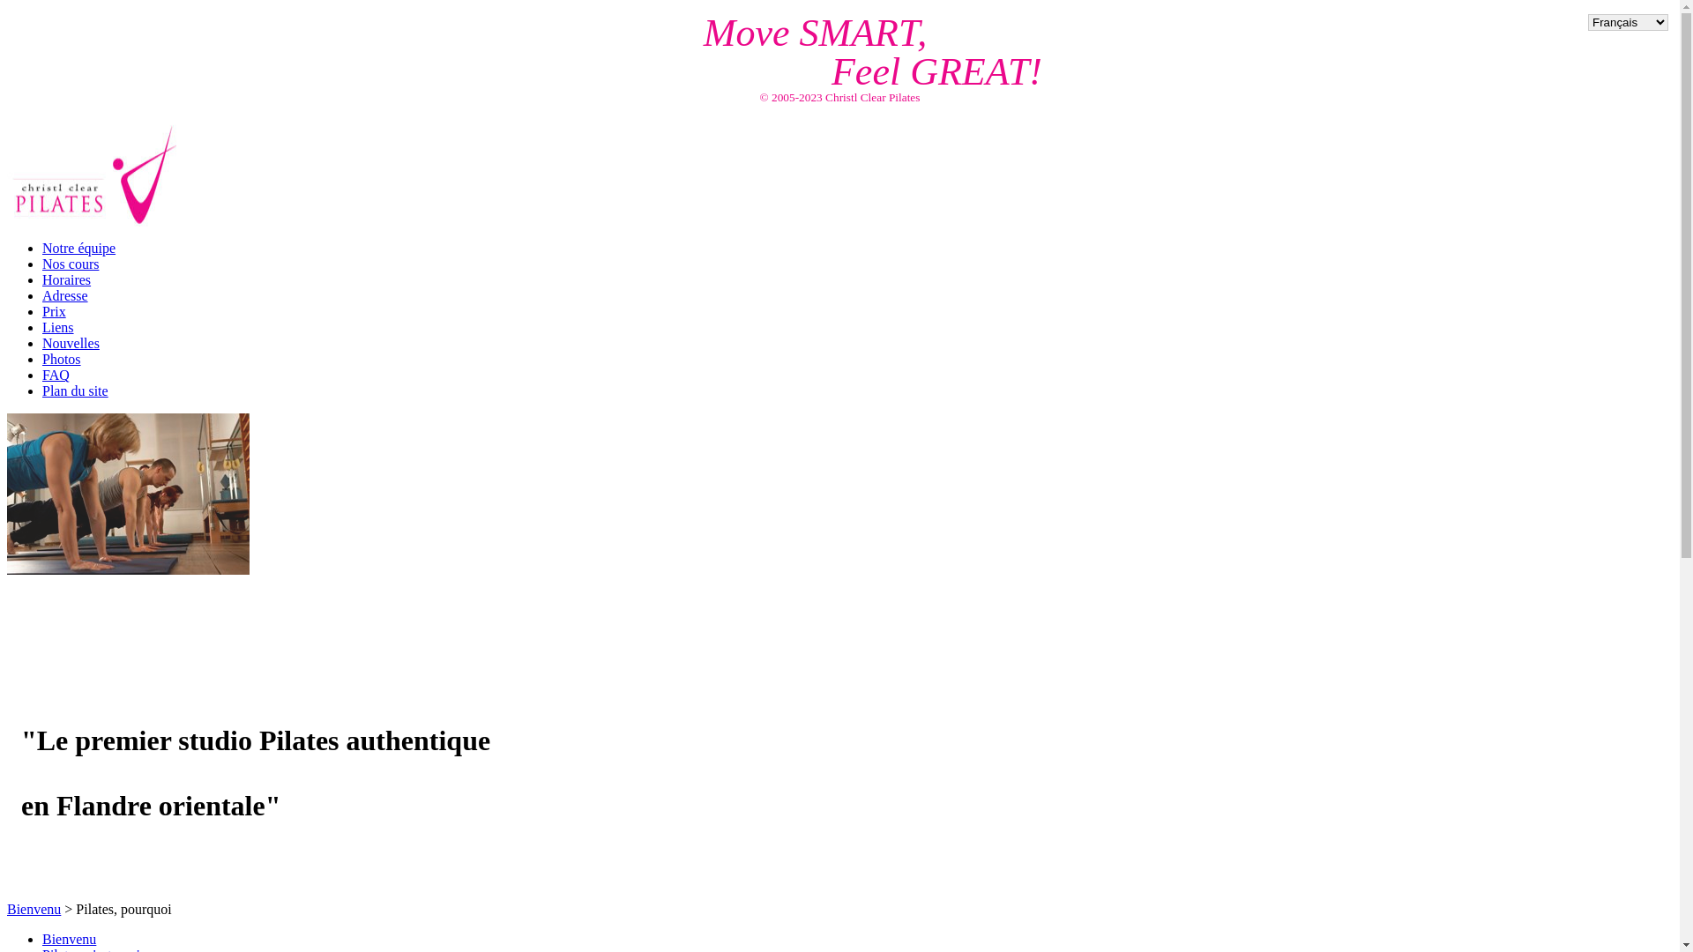 This screenshot has width=1693, height=952. What do you see at coordinates (58, 327) in the screenshot?
I see `'Liens'` at bounding box center [58, 327].